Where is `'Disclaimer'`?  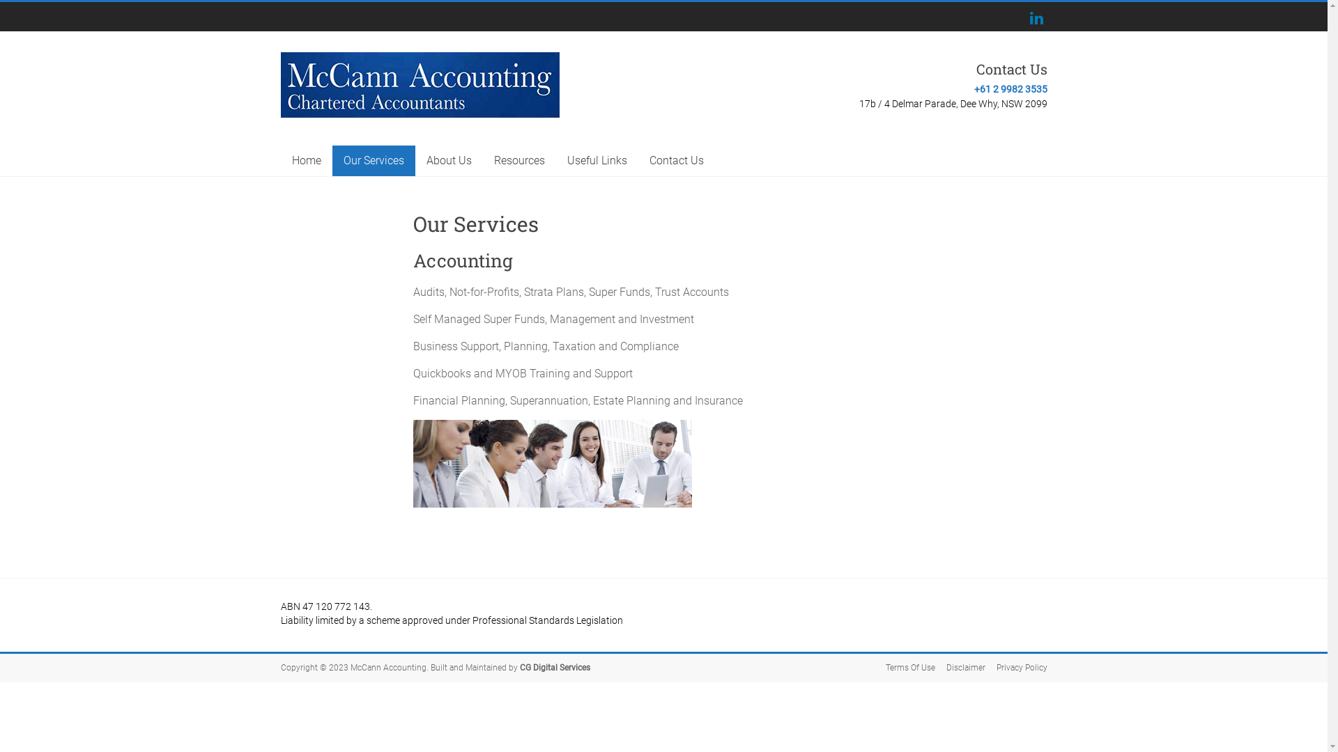
'Disclaimer' is located at coordinates (959, 667).